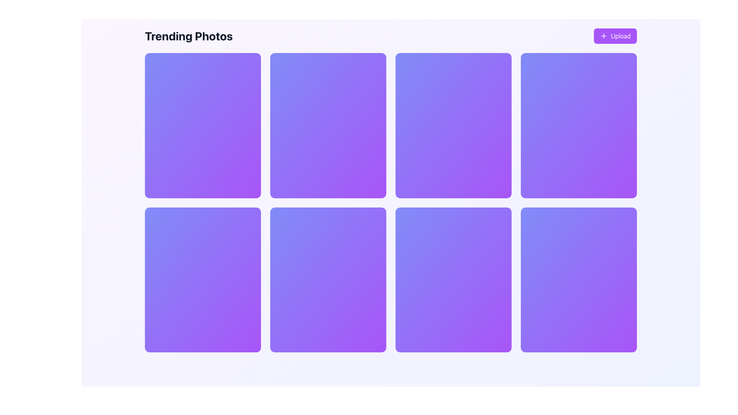 Image resolution: width=738 pixels, height=415 pixels. What do you see at coordinates (615, 36) in the screenshot?
I see `the 'Upload' button with a purple background and a white '+' icon` at bounding box center [615, 36].